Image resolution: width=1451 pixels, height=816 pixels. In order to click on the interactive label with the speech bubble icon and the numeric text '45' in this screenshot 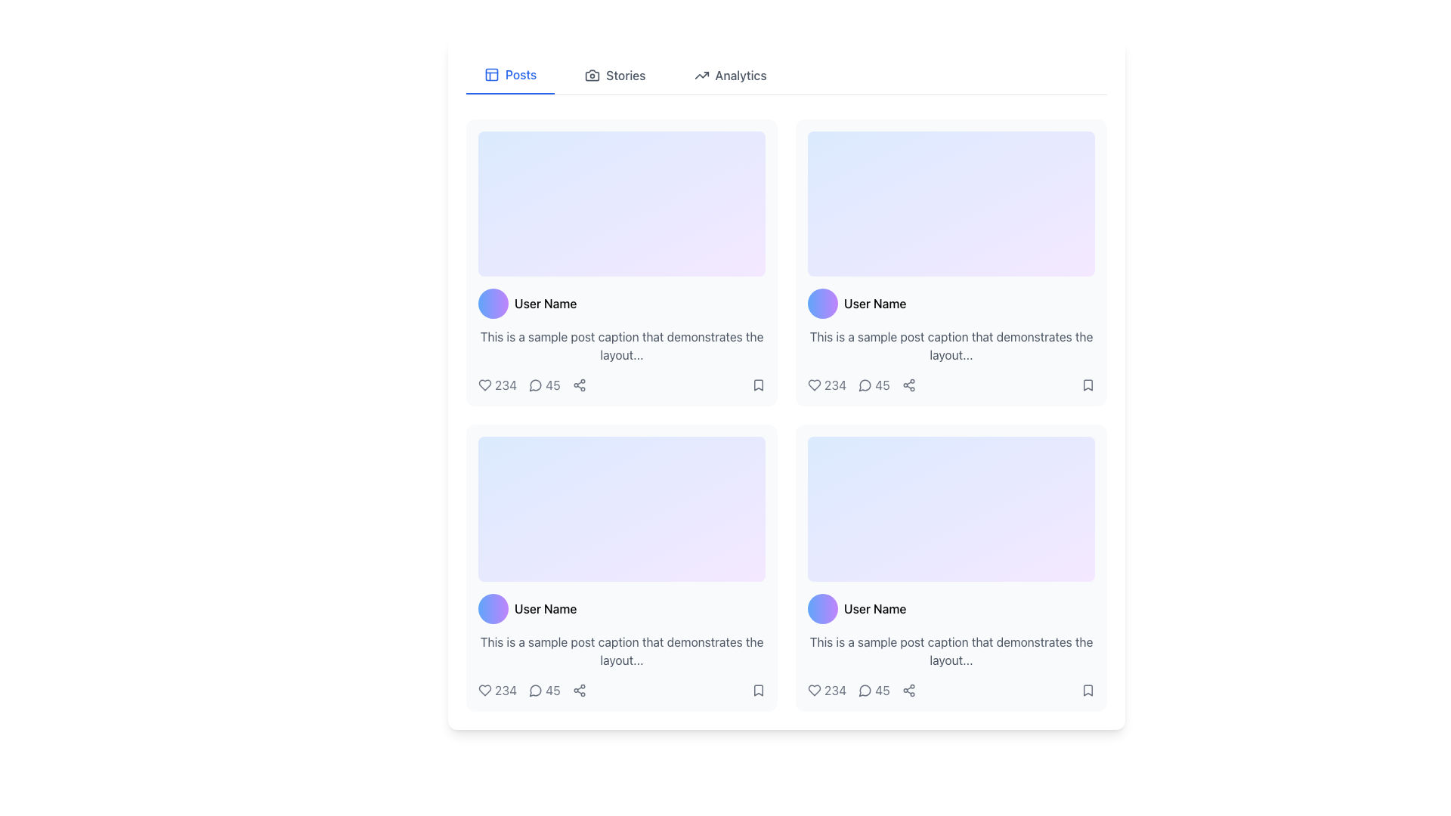, I will do `click(874, 384)`.